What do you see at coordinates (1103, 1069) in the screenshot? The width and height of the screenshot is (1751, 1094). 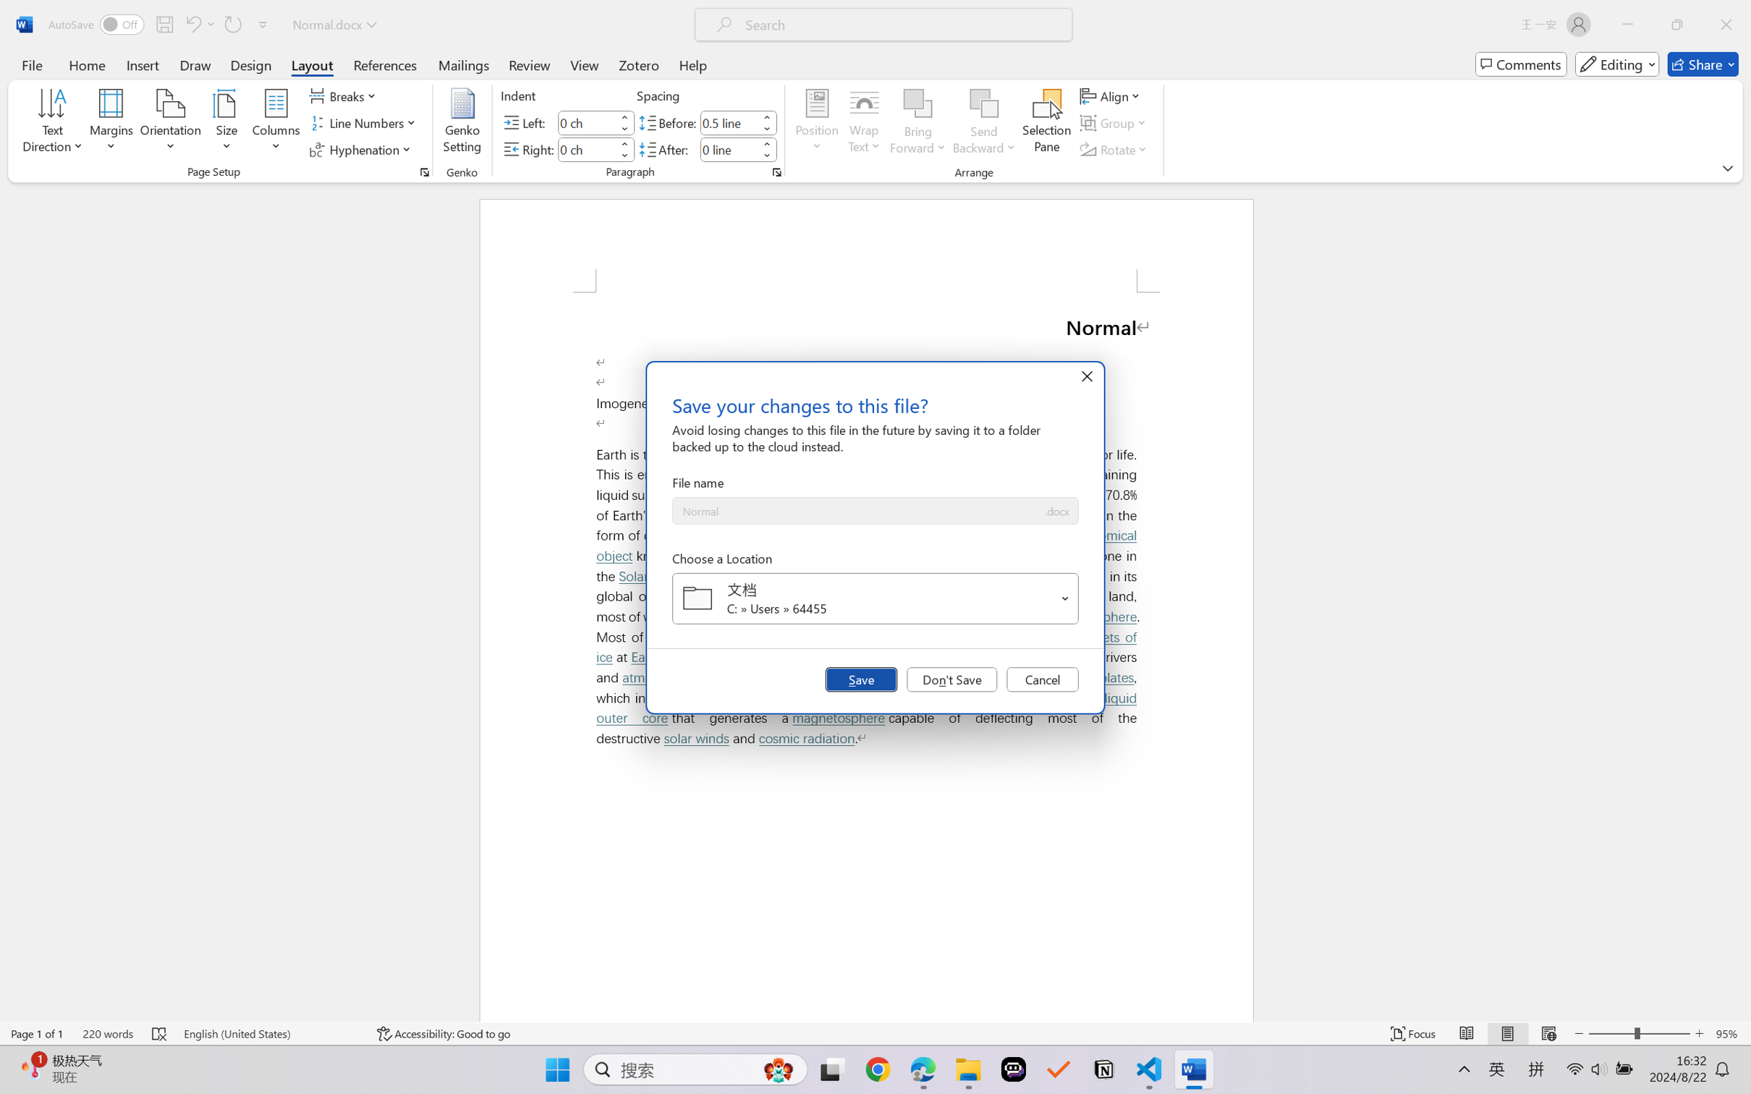 I see `'Notion'` at bounding box center [1103, 1069].